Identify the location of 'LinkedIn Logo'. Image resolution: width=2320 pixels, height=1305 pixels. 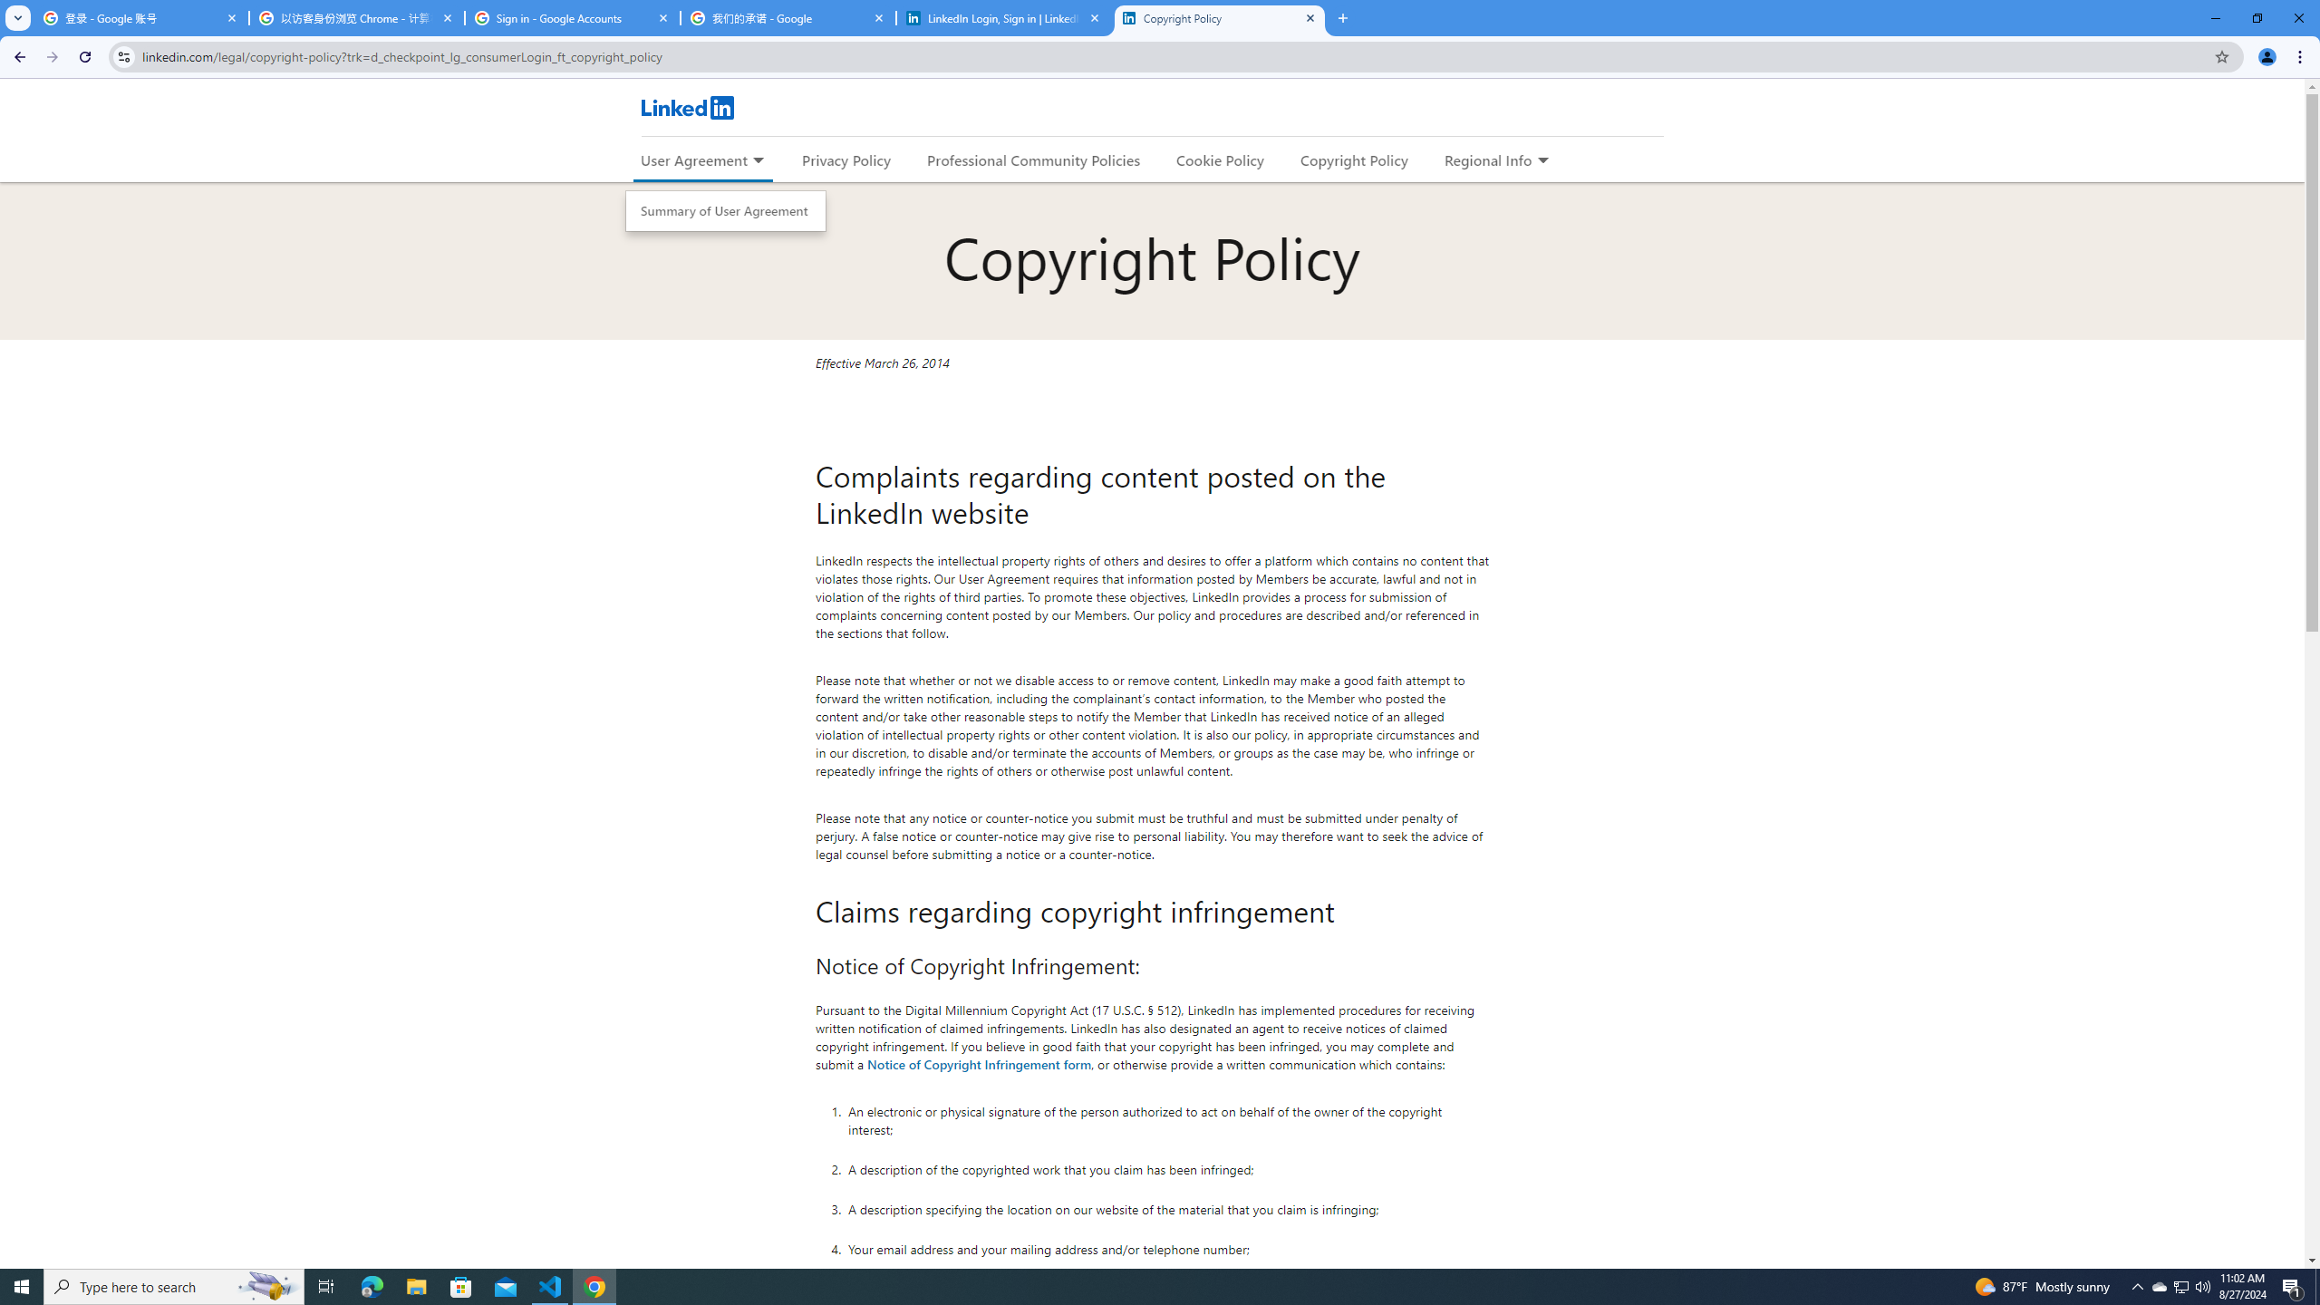
(686, 107).